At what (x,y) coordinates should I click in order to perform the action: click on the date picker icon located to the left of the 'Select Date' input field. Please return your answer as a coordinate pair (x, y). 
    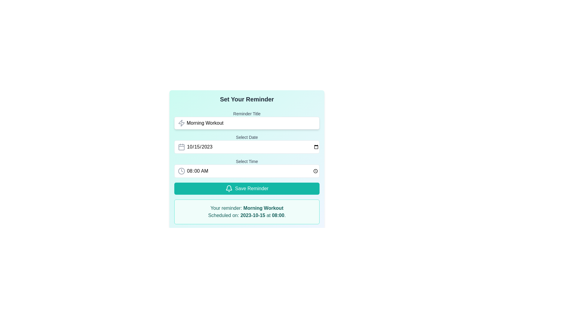
    Looking at the image, I should click on (181, 147).